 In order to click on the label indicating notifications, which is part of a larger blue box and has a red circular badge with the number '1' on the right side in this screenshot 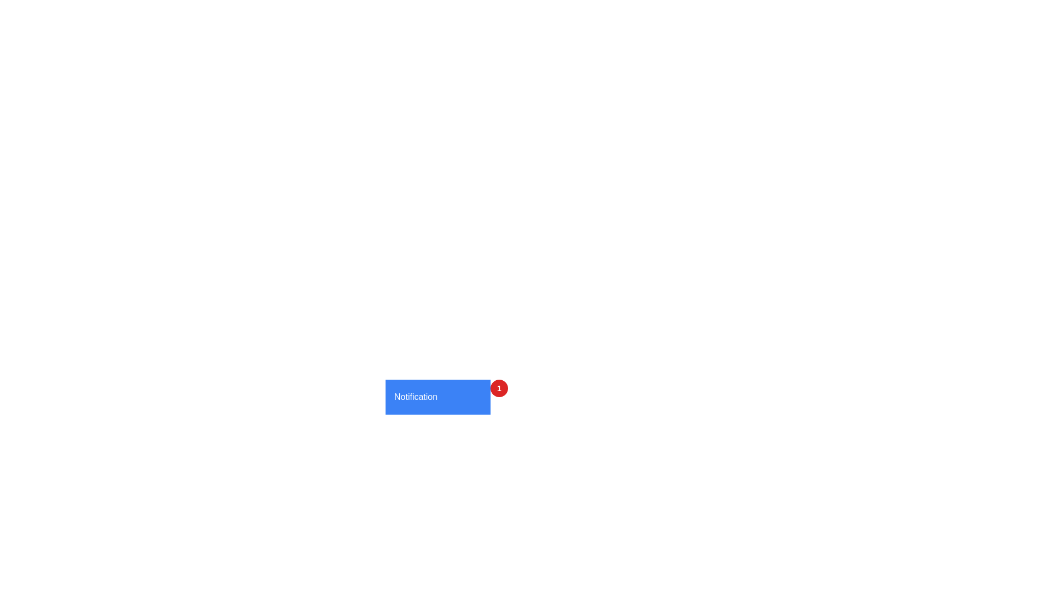, I will do `click(415, 397)`.